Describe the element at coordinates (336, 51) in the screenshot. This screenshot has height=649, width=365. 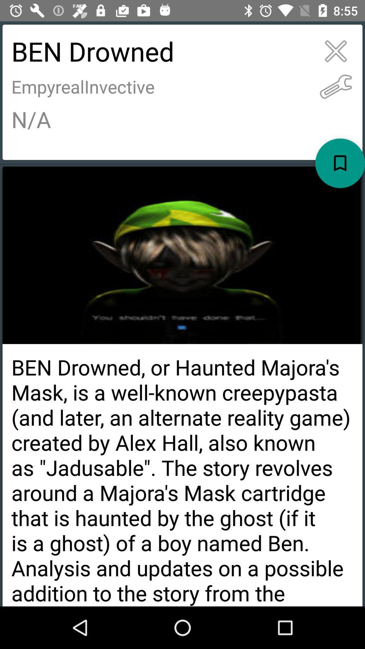
I see `the item to the right of ben drowned item` at that location.